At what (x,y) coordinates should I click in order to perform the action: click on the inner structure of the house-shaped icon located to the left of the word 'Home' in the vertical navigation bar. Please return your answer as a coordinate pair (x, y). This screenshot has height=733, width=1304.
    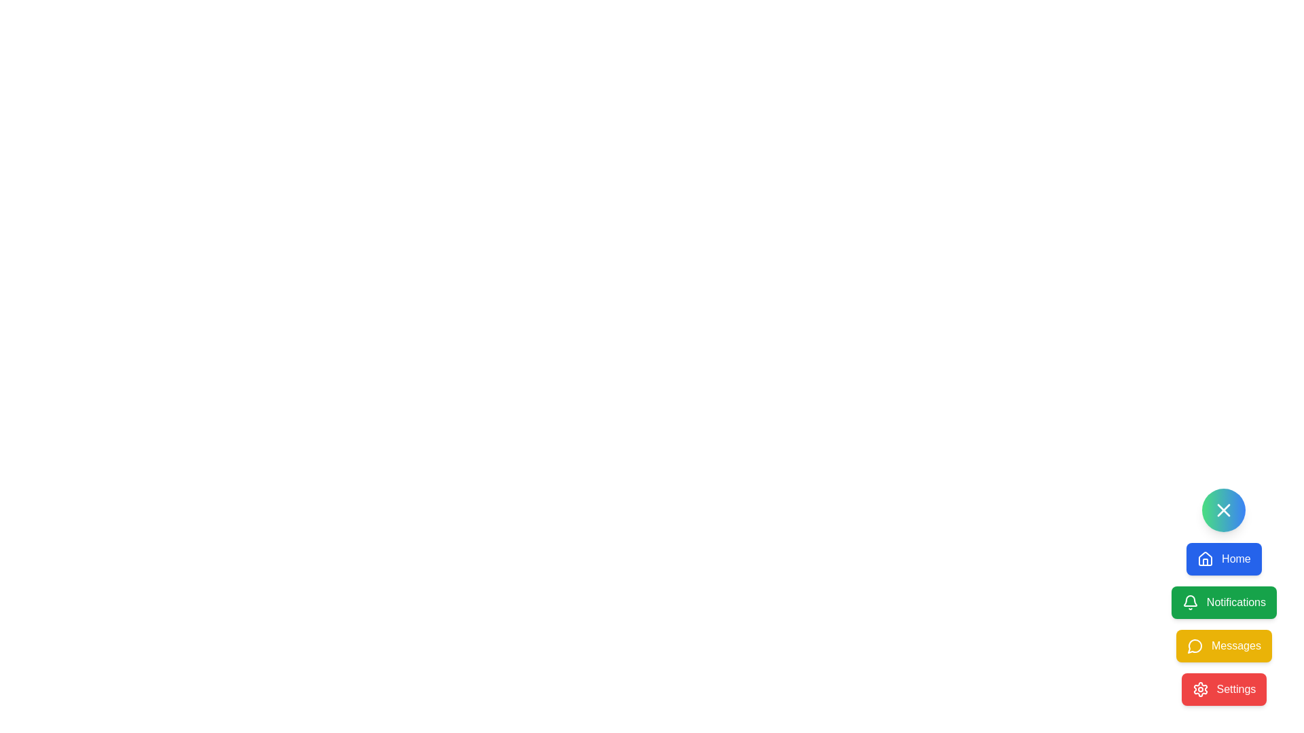
    Looking at the image, I should click on (1206, 562).